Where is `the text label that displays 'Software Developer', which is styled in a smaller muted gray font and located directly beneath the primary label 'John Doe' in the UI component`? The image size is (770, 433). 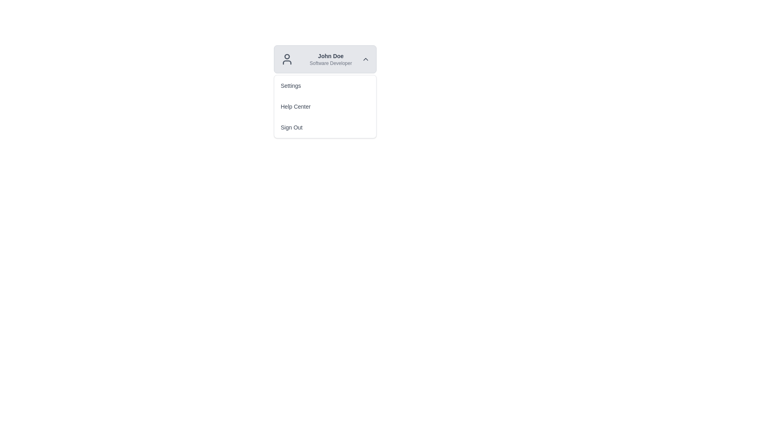 the text label that displays 'Software Developer', which is styled in a smaller muted gray font and located directly beneath the primary label 'John Doe' in the UI component is located at coordinates (331, 63).